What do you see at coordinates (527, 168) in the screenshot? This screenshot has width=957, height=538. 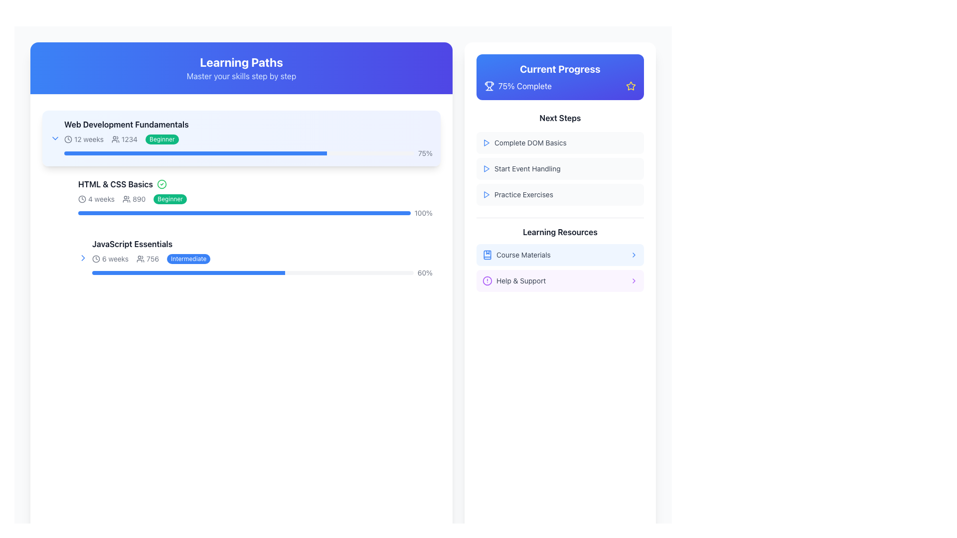 I see `'Start Event Handling' text label, which is styled in a small gray font and located under the 'Next Steps' section in the right-hand column` at bounding box center [527, 168].